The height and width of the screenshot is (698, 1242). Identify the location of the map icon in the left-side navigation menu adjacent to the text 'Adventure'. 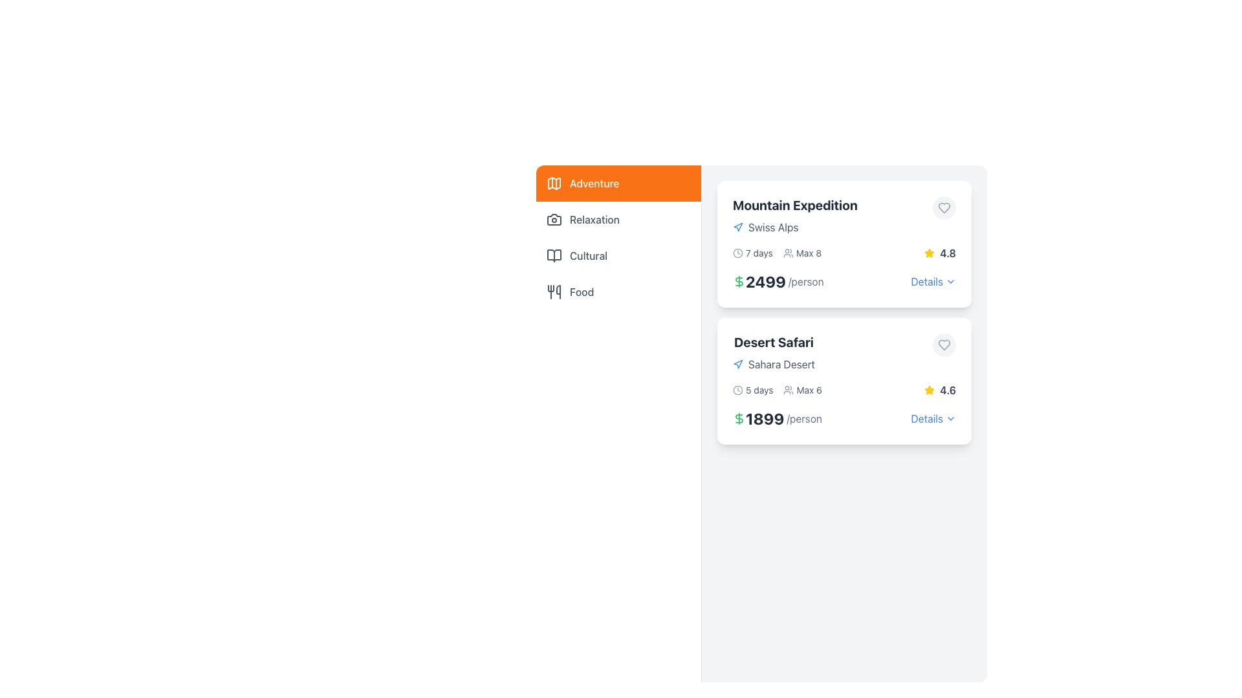
(554, 184).